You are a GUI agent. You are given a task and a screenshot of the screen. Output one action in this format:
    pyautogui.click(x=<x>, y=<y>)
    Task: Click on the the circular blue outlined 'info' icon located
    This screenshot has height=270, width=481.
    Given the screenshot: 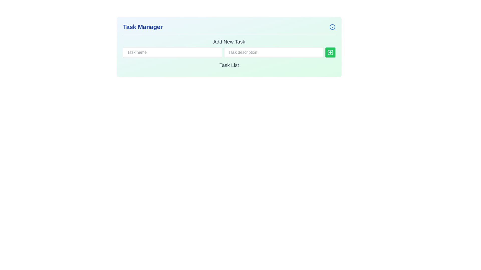 What is the action you would take?
    pyautogui.click(x=332, y=27)
    